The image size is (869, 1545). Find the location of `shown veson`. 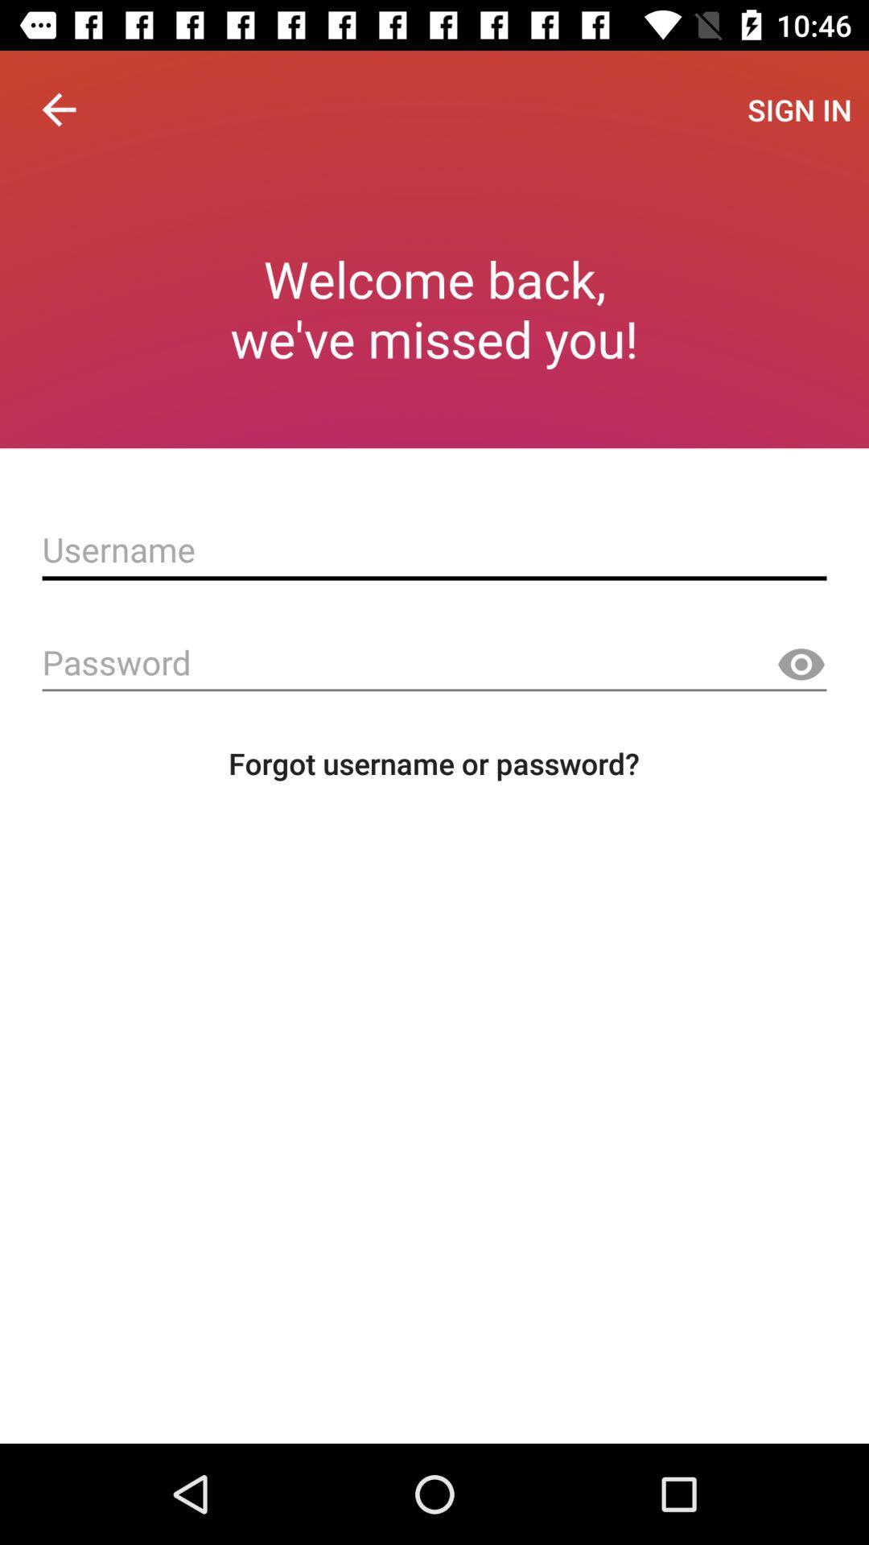

shown veson is located at coordinates (801, 665).